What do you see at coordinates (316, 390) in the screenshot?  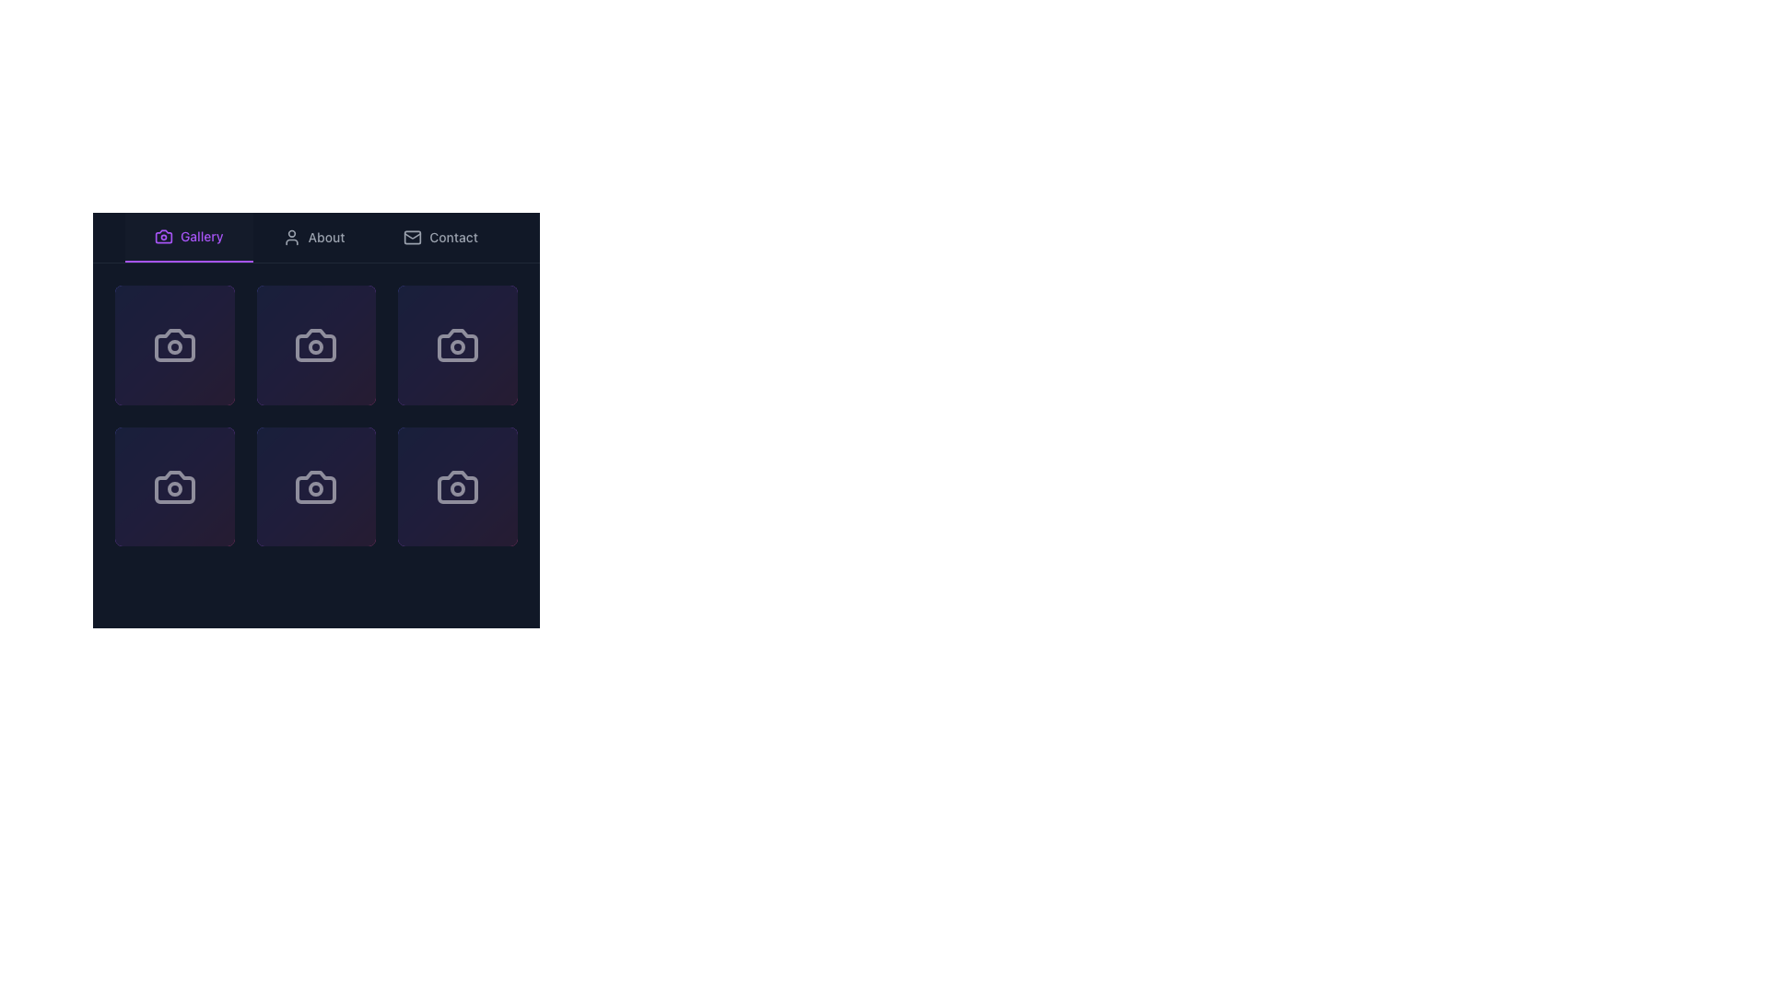 I see `the Gallery Tile located in the second row, second column of the grid, which features a centered camera icon and a gradient background, as part of a multi-selection` at bounding box center [316, 390].